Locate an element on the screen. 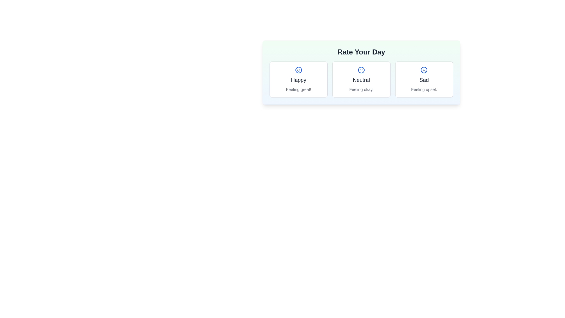  the text label reading 'Sad', which is styled with a large gray font and positioned at the center of the card layout, below the sad face icon is located at coordinates (424, 80).